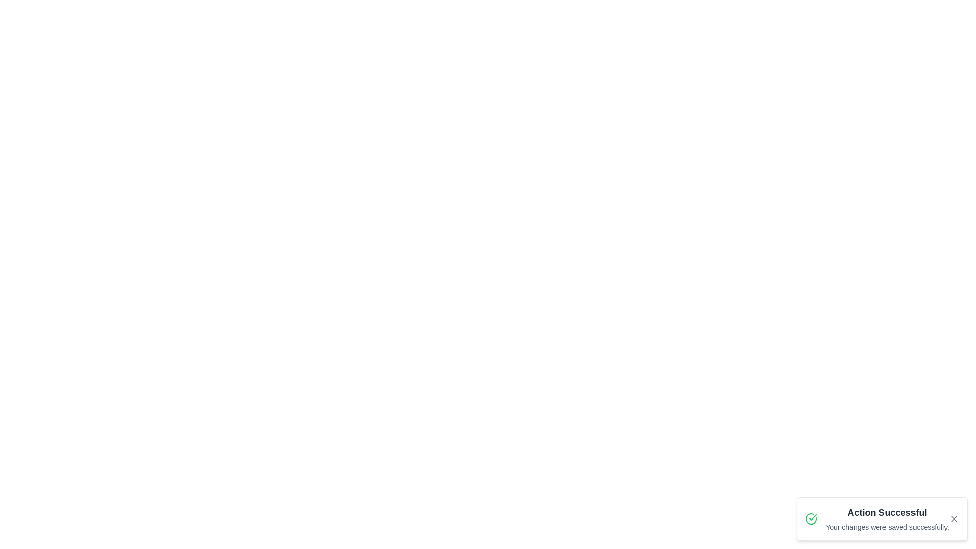 The height and width of the screenshot is (549, 976). I want to click on the close button to dismiss the notification, so click(953, 519).